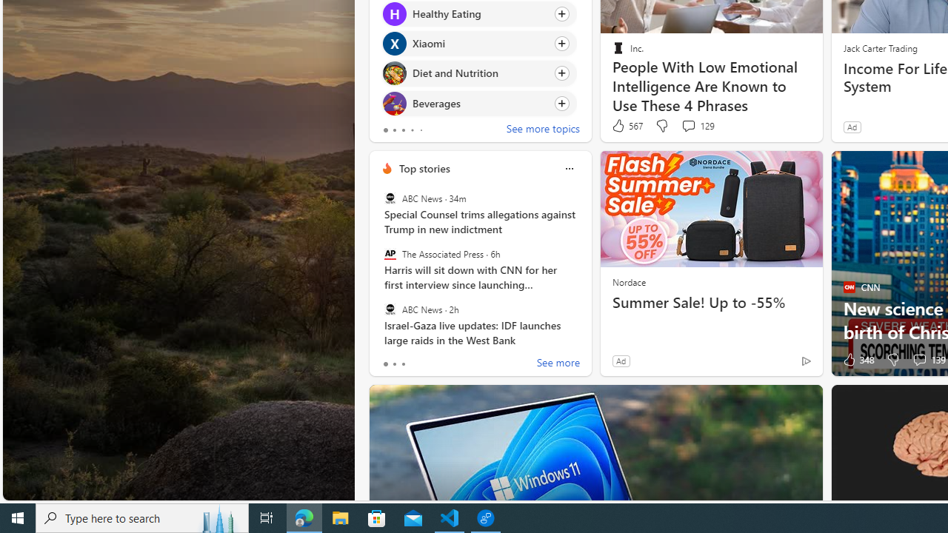 The width and height of the screenshot is (948, 533). What do you see at coordinates (390, 253) in the screenshot?
I see `'The Associated Press'` at bounding box center [390, 253].